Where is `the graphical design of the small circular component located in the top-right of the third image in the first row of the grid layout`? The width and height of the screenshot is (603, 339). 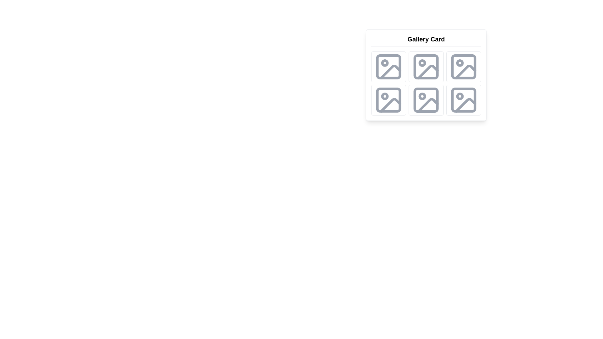
the graphical design of the small circular component located in the top-right of the third image in the first row of the grid layout is located at coordinates (460, 63).